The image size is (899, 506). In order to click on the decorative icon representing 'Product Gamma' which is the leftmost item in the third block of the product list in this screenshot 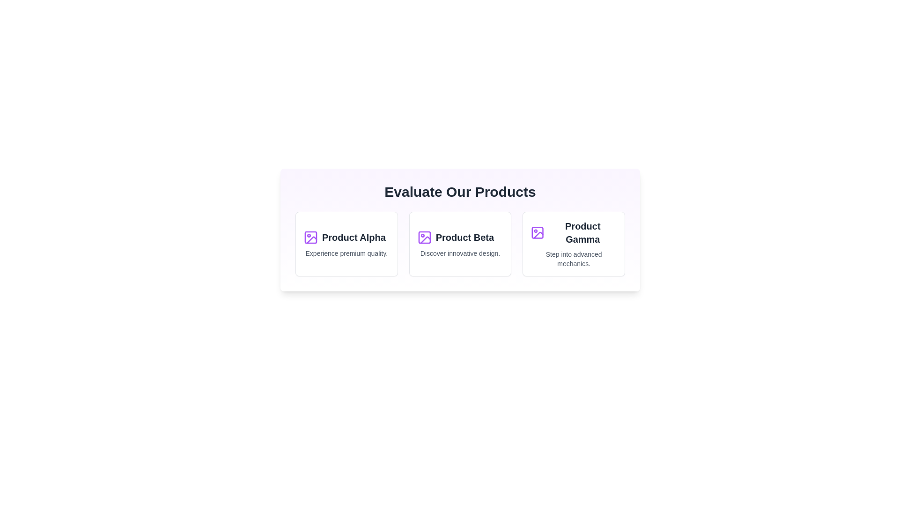, I will do `click(538, 232)`.